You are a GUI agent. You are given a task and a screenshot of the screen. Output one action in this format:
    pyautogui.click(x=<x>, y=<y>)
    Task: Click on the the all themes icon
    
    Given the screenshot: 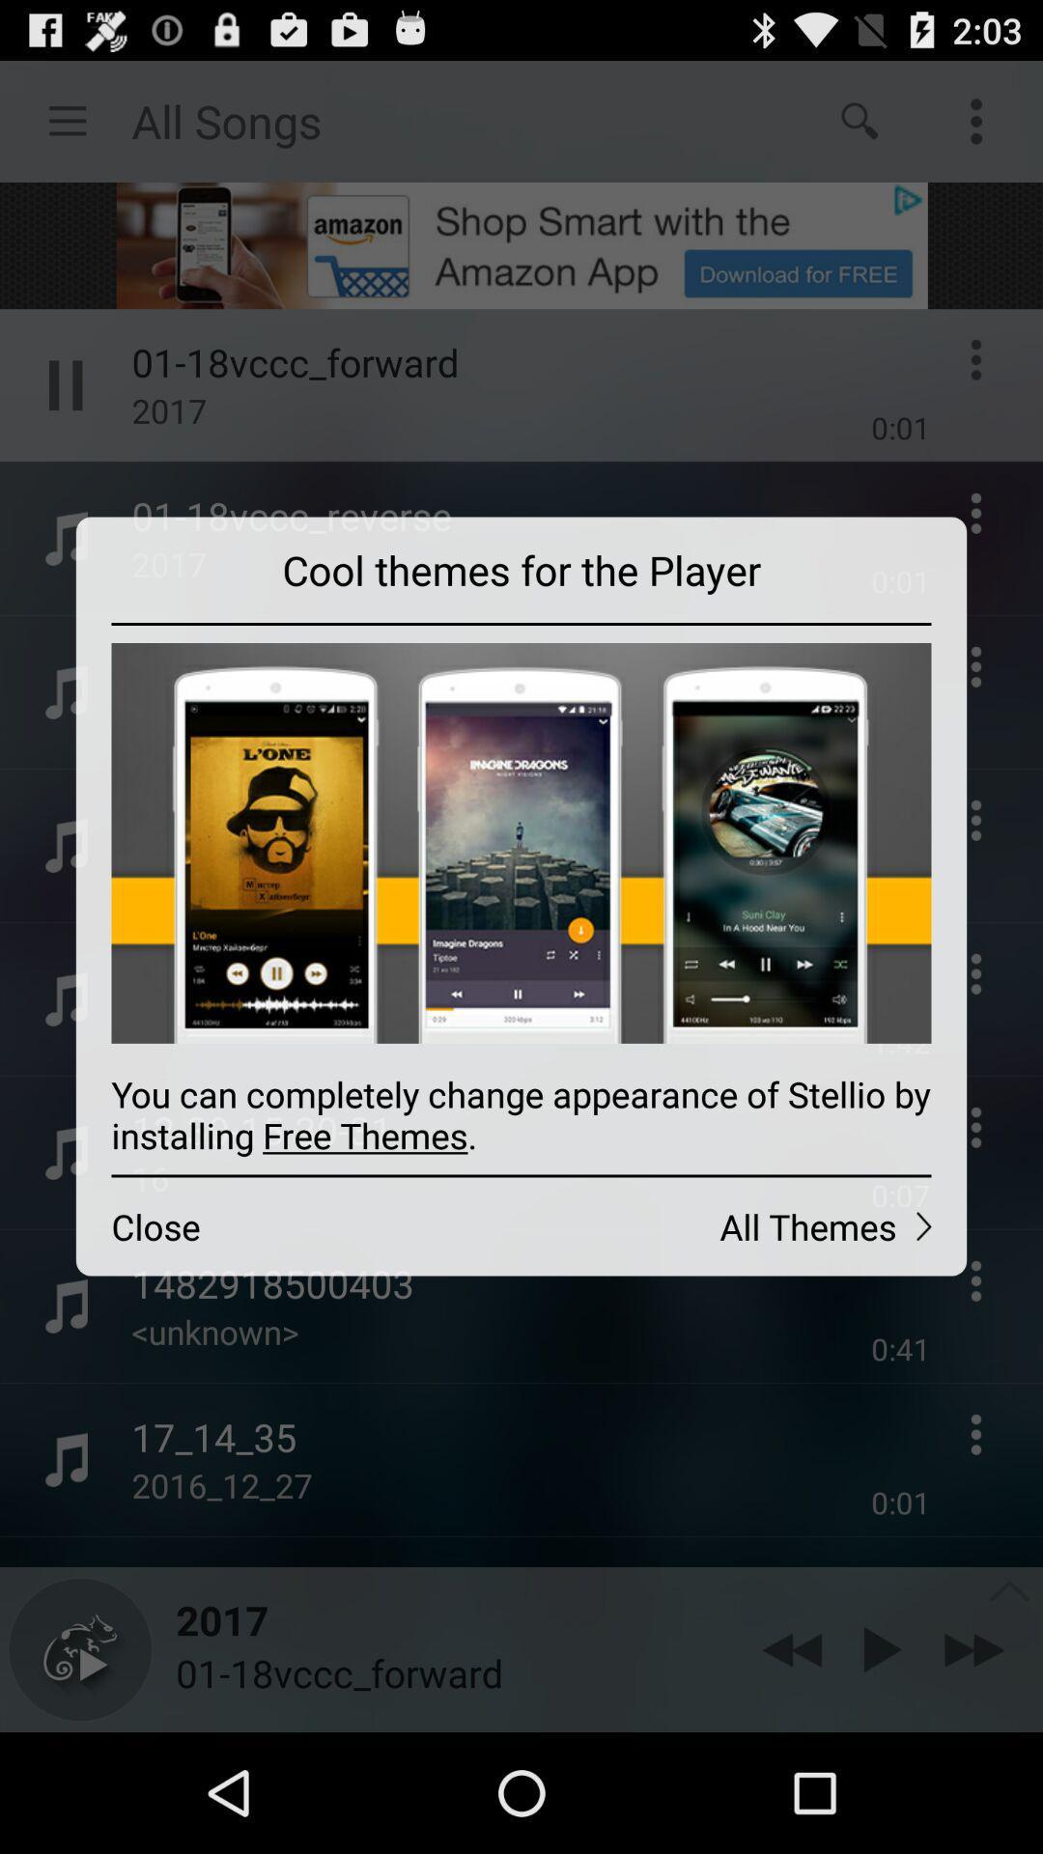 What is the action you would take?
    pyautogui.click(x=743, y=1225)
    